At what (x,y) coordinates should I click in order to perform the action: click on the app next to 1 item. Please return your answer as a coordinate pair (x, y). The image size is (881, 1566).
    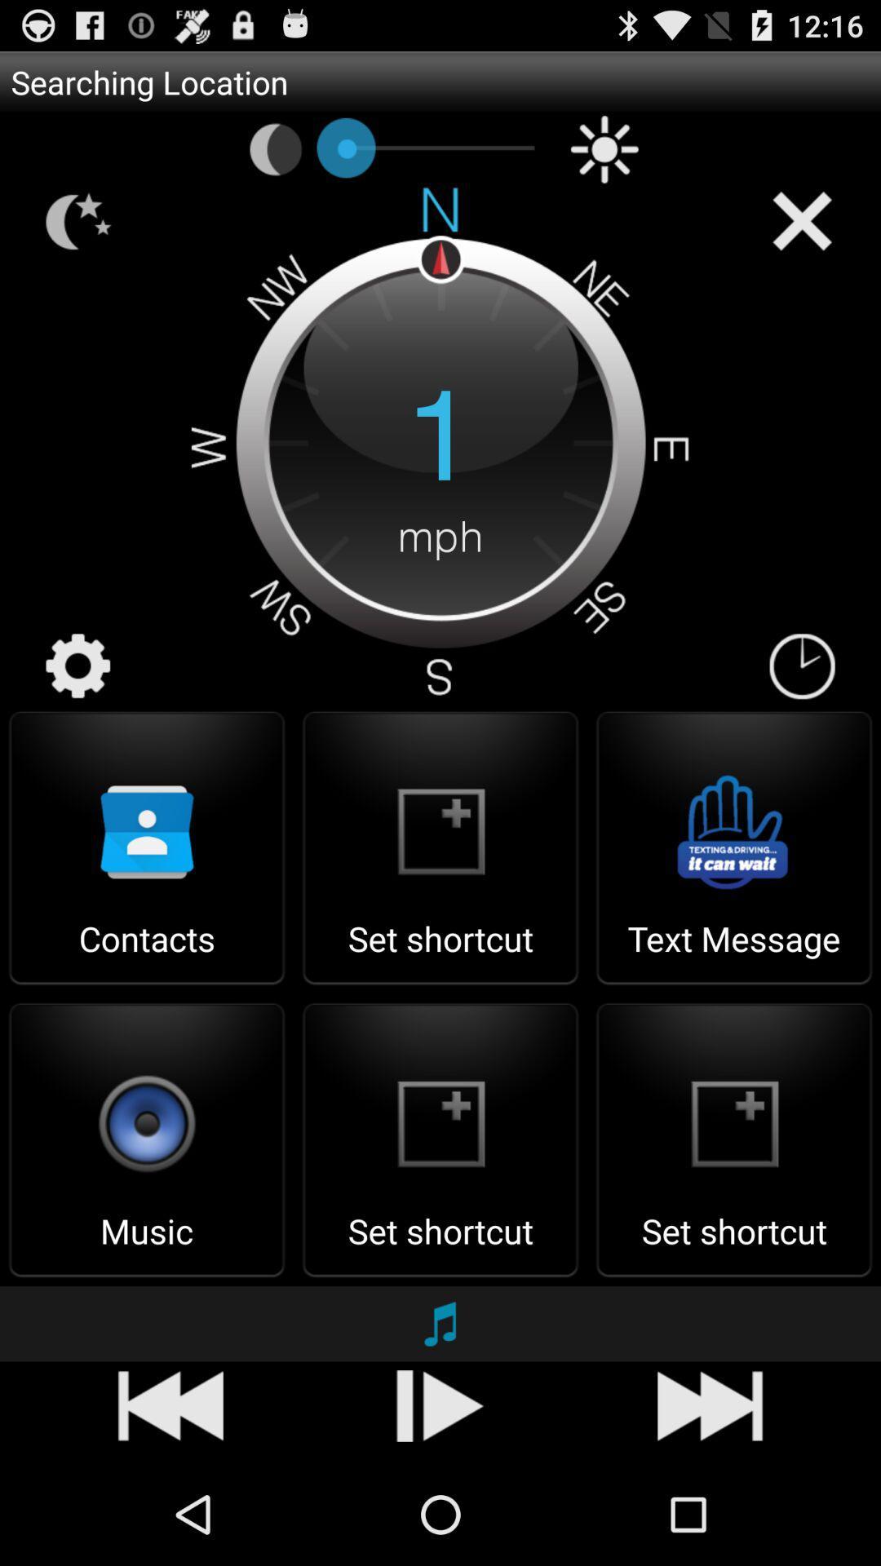
    Looking at the image, I should click on (78, 666).